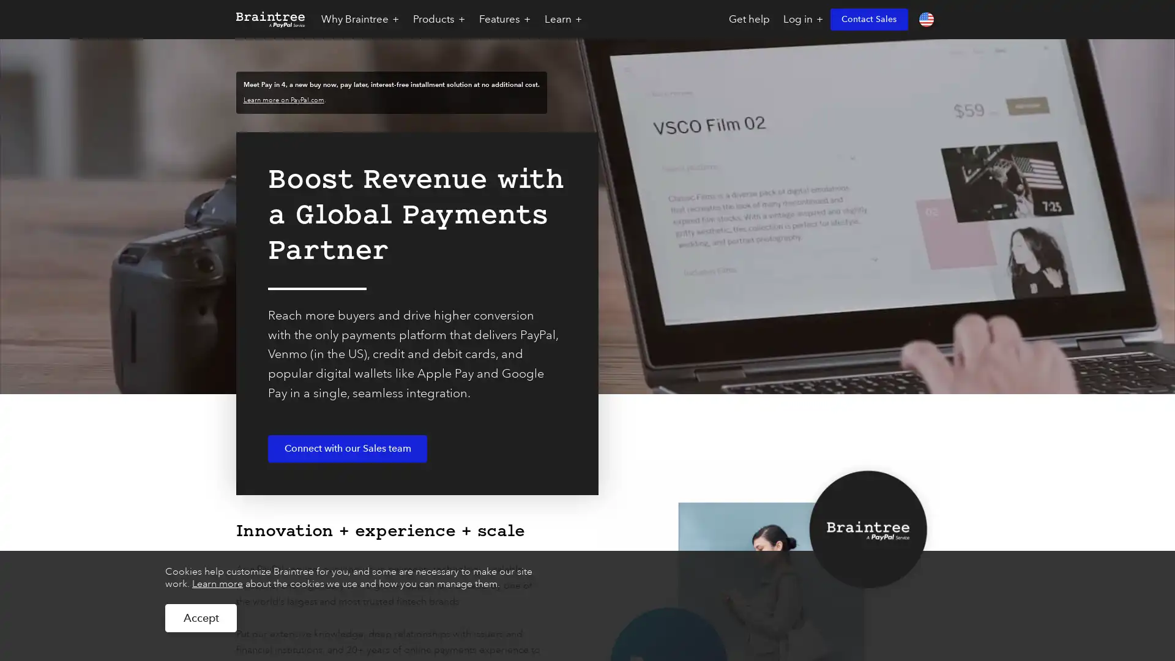 The width and height of the screenshot is (1175, 661). I want to click on Why Braintree menu, so click(359, 19).